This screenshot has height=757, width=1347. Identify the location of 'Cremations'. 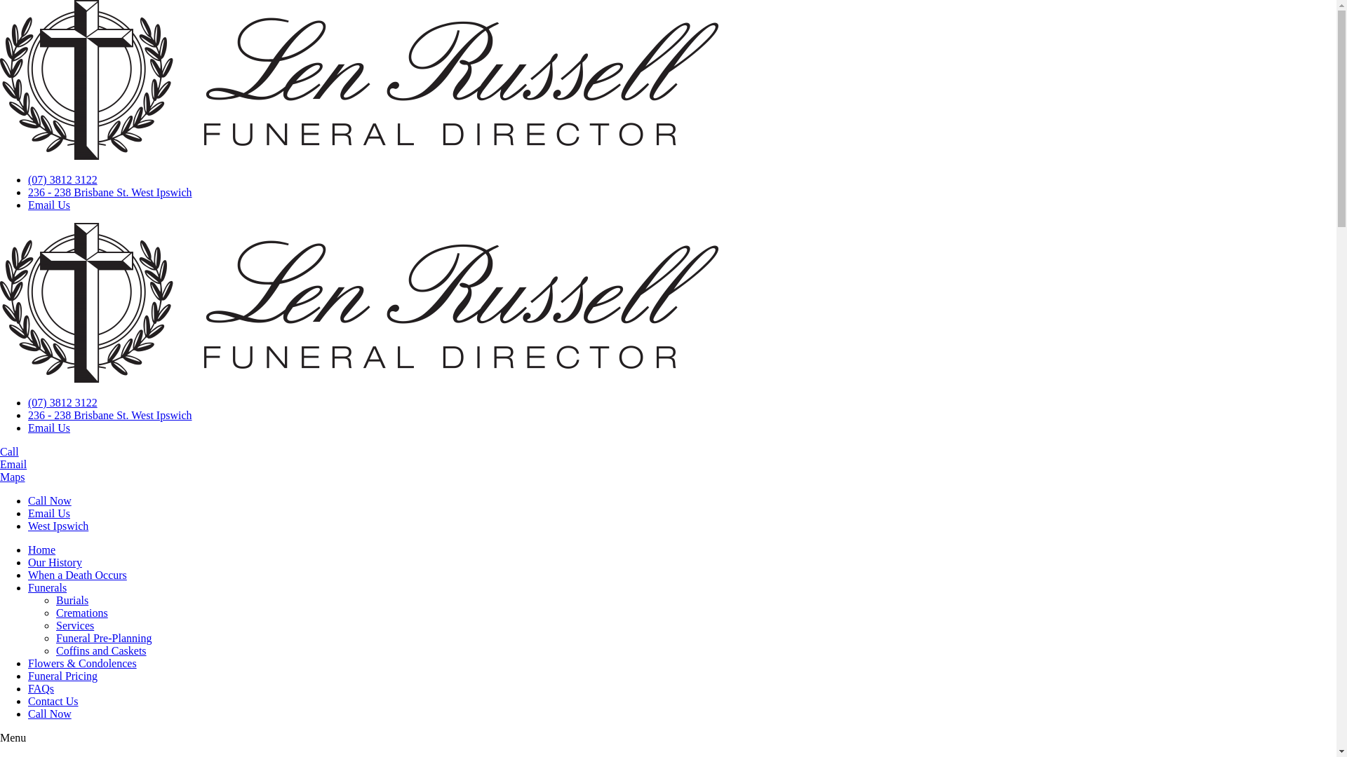
(81, 612).